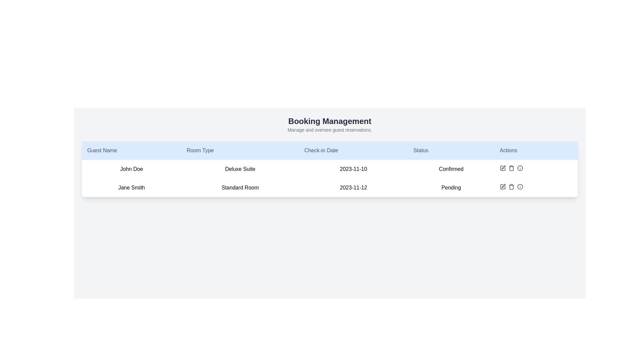 This screenshot has width=639, height=359. Describe the element at coordinates (511, 168) in the screenshot. I see `the gray trash can icon button located under the 'Actions' column, which is positioned between the 'Edit' (pencil) icon and the 'Info' (i) icon` at that location.